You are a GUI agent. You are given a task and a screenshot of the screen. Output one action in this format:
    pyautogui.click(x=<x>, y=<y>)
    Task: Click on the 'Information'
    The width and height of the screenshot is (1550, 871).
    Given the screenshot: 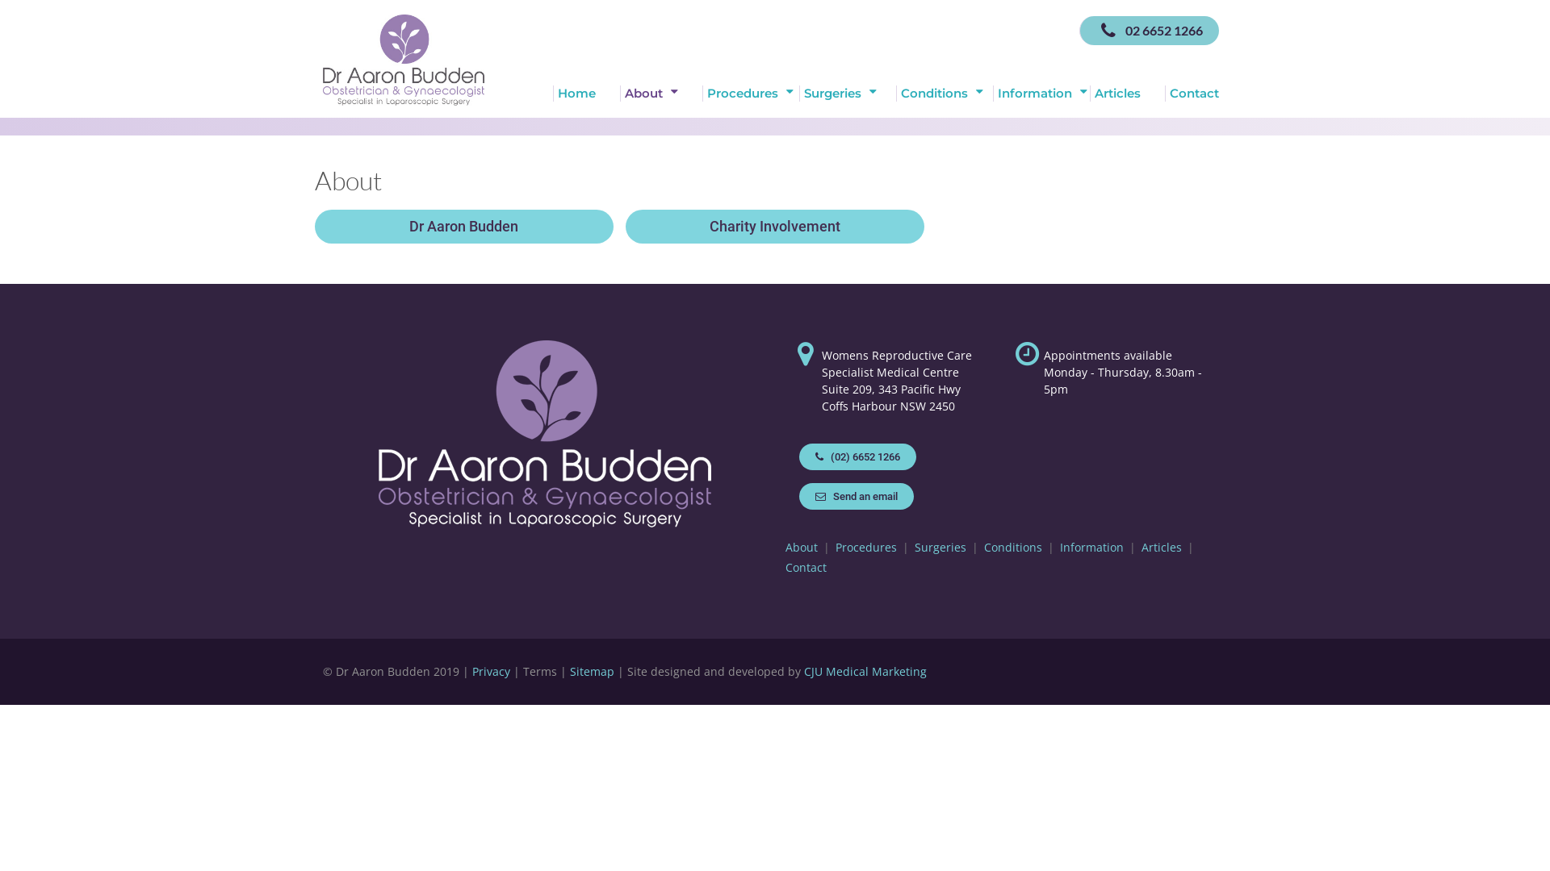 What is the action you would take?
    pyautogui.click(x=1041, y=93)
    